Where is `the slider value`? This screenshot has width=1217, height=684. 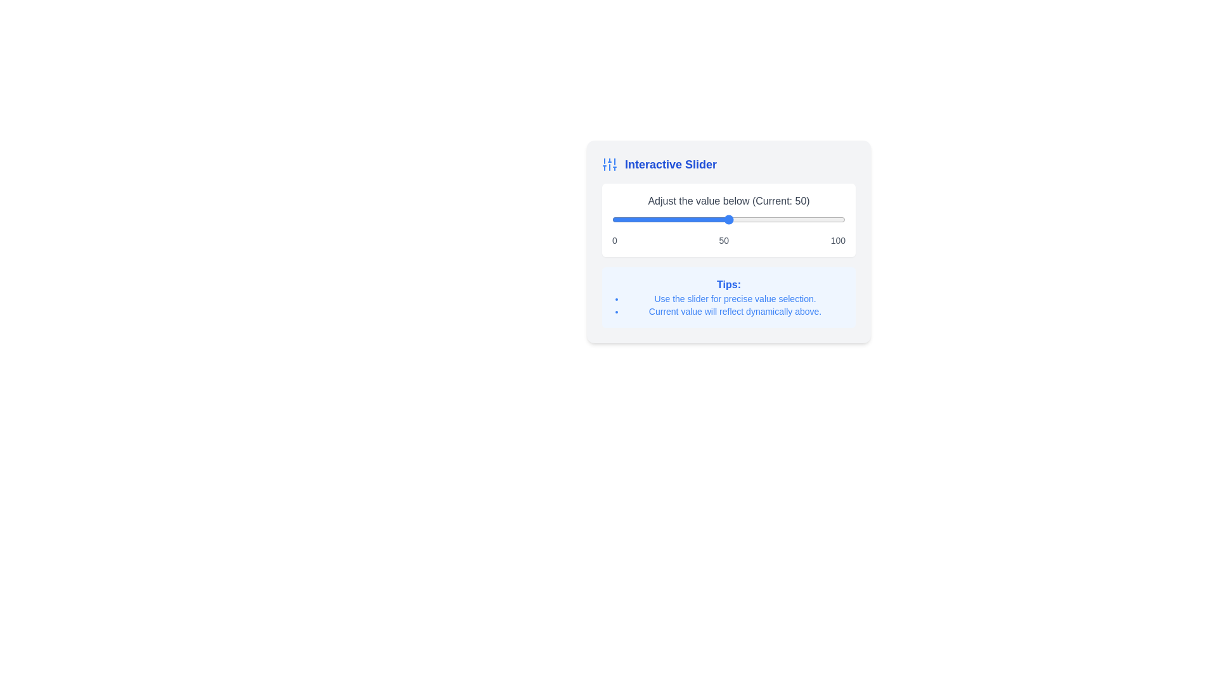 the slider value is located at coordinates (715, 219).